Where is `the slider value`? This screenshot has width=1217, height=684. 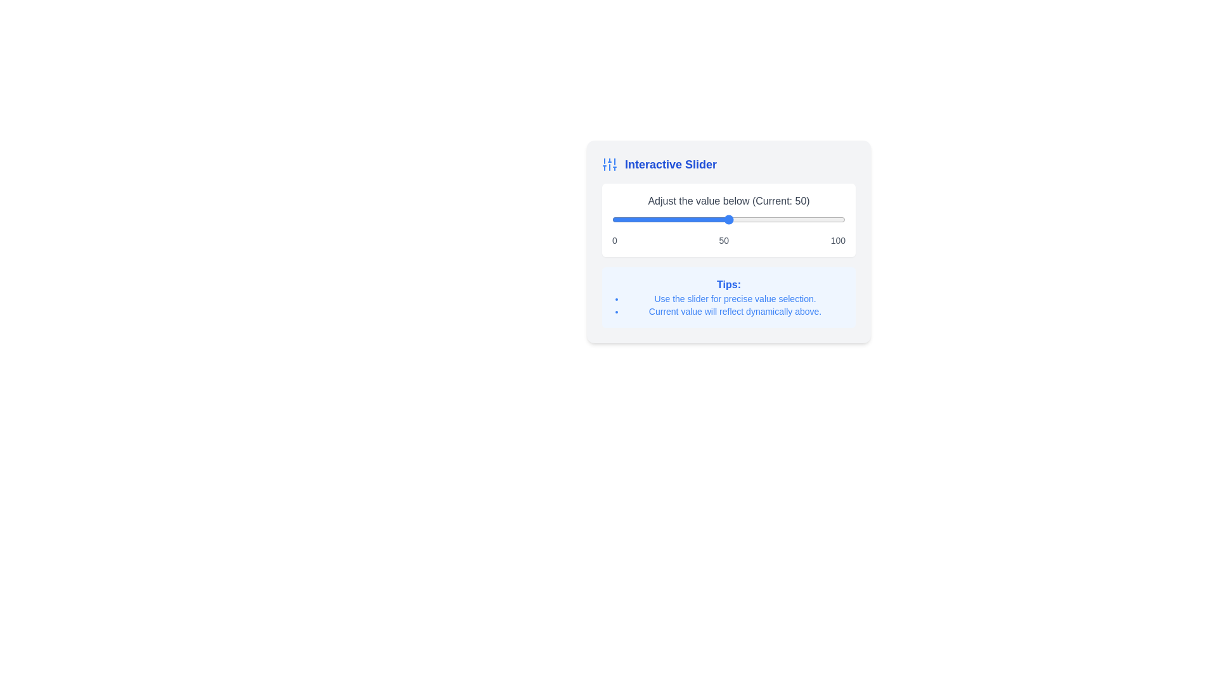 the slider value is located at coordinates (715, 219).